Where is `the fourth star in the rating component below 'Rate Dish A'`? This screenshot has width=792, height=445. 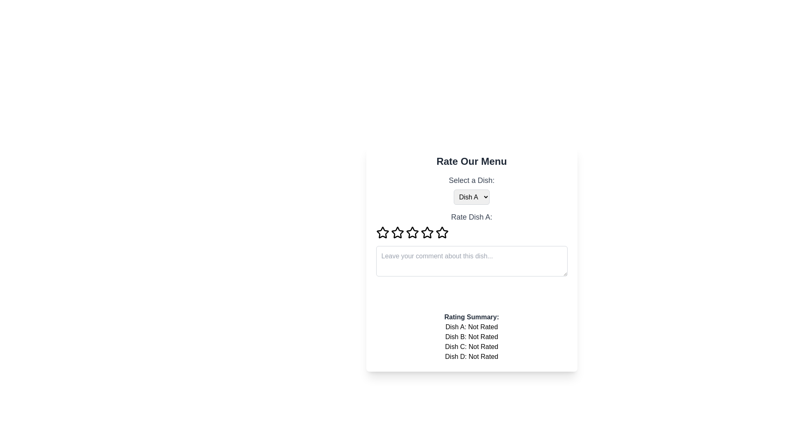 the fourth star in the rating component below 'Rate Dish A' is located at coordinates (412, 232).